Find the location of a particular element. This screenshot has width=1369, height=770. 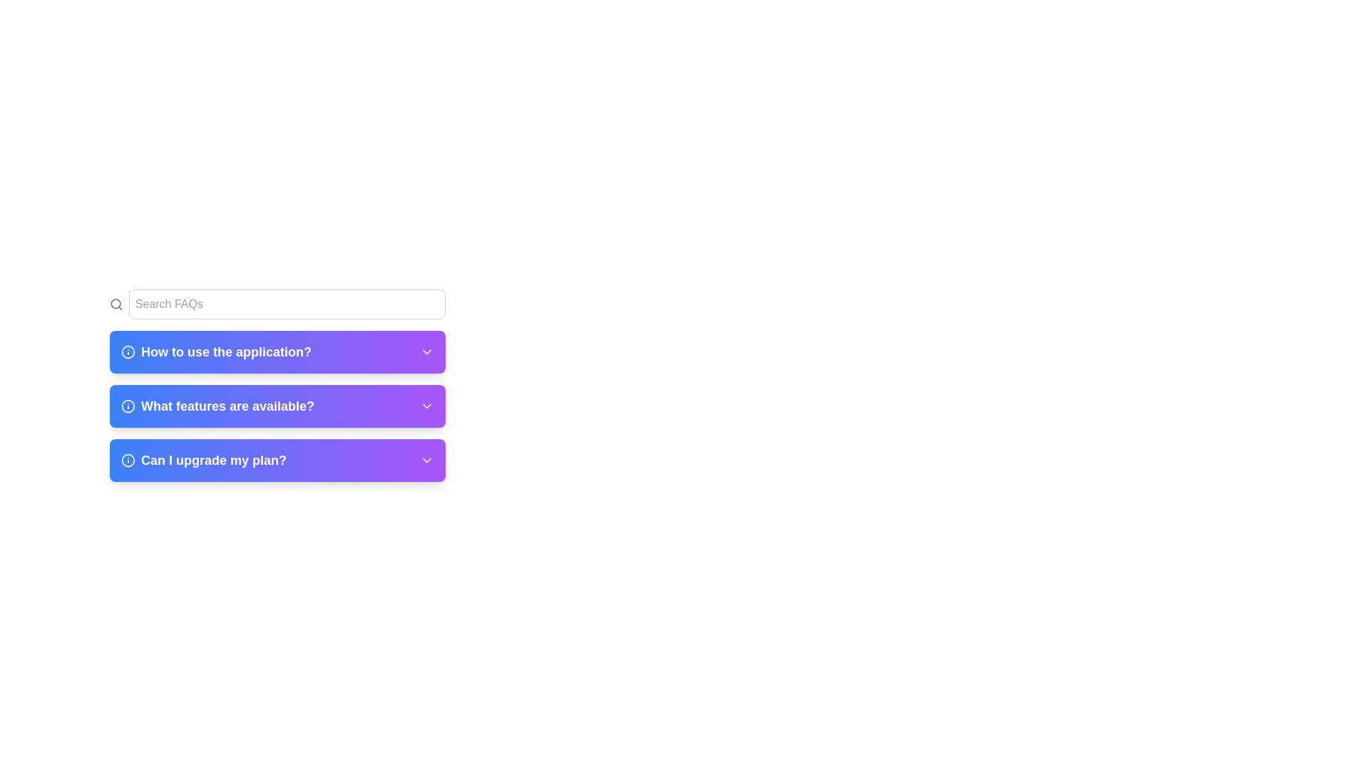

the collapsible section header for the FAQ entry about 'What features are available?' to enable keyboard navigation is located at coordinates (277, 391).